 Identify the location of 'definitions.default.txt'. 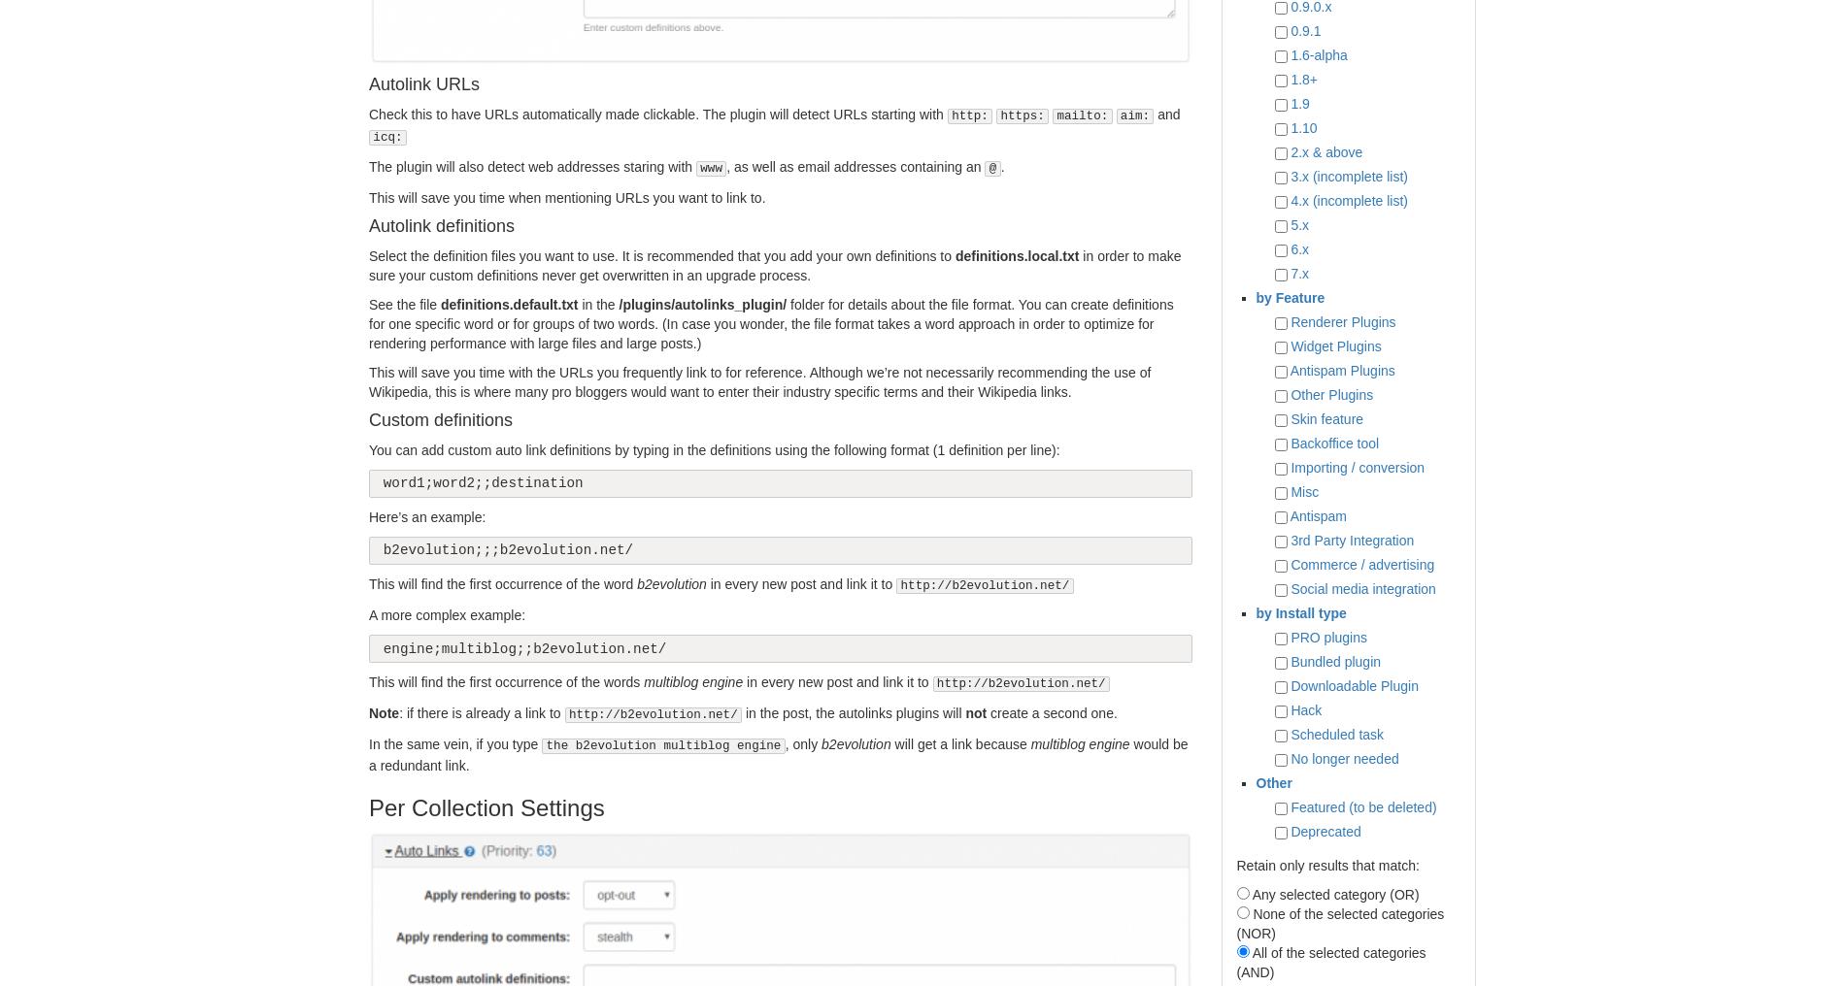
(509, 303).